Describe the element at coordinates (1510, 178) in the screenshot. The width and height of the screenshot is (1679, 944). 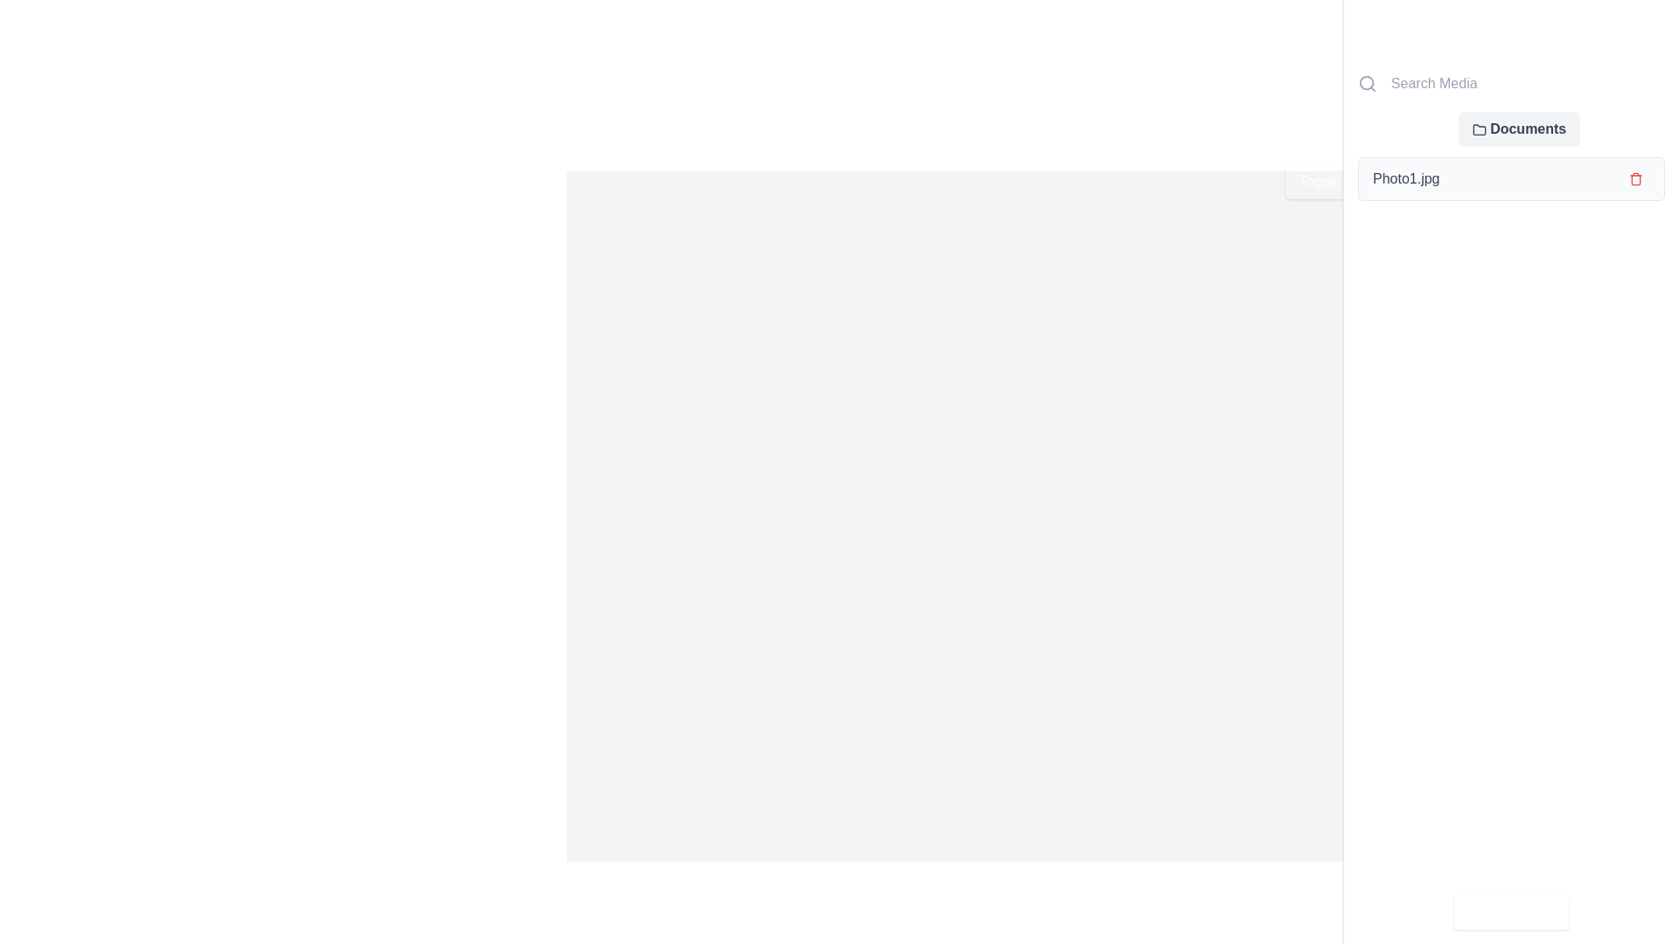
I see `the List item containing the text 'Photo1.jpg' and the red action icon` at that location.